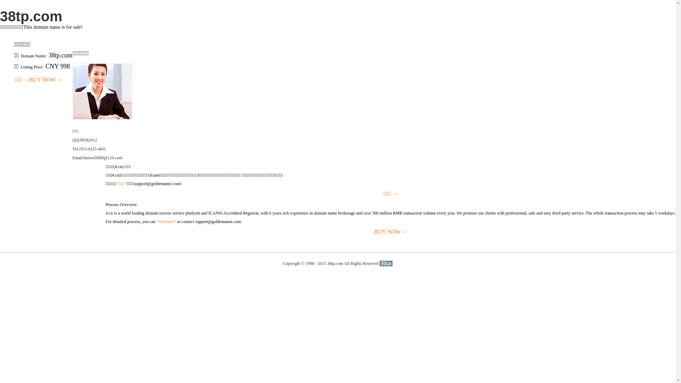 This screenshot has height=383, width=681. What do you see at coordinates (45, 80) in the screenshot?
I see `'BUY NOW>>'` at bounding box center [45, 80].